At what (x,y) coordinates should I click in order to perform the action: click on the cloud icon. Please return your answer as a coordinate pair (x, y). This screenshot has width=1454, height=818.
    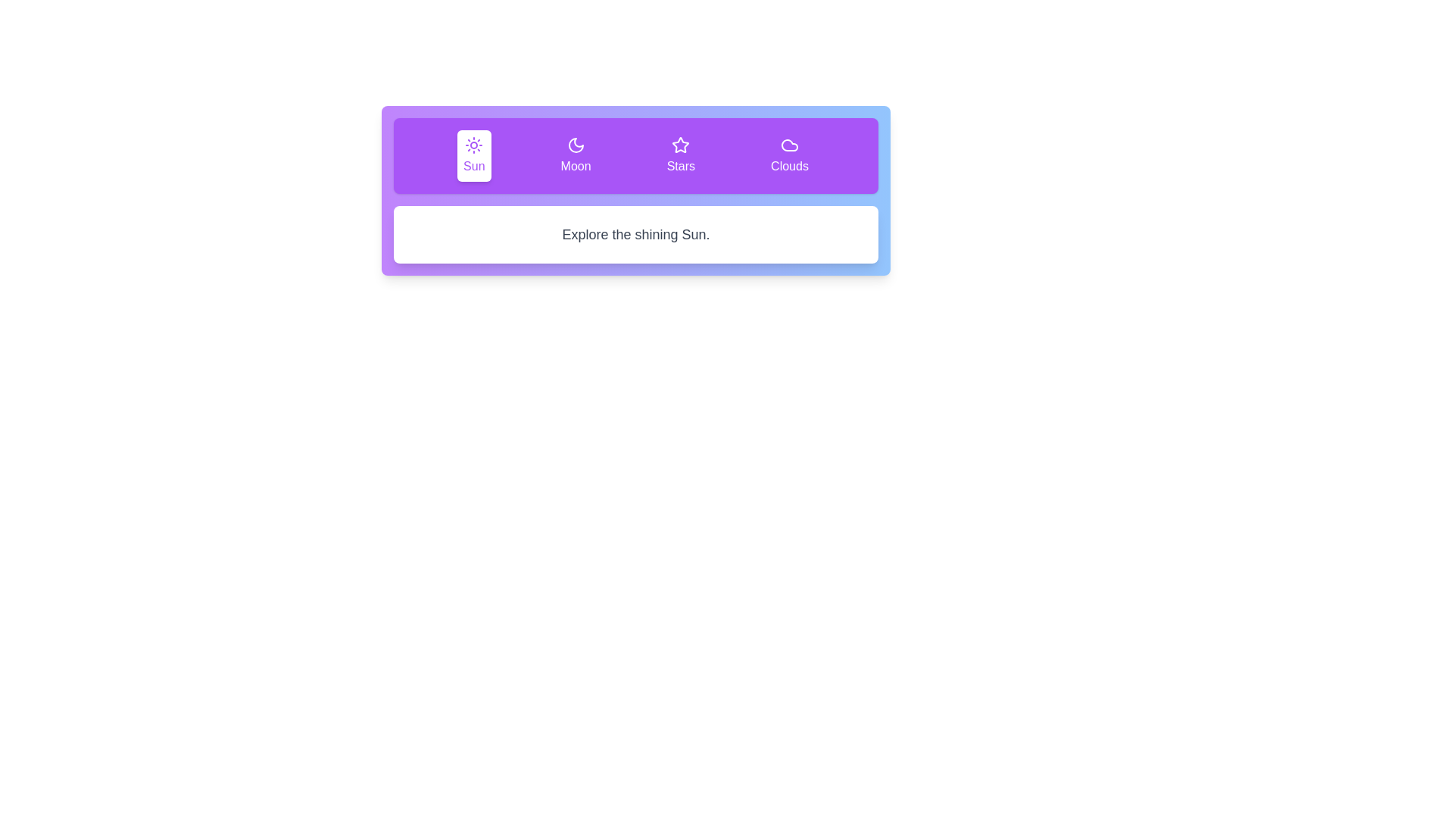
    Looking at the image, I should click on (788, 145).